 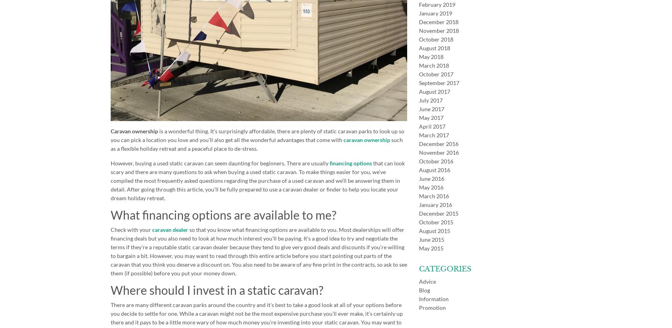 What do you see at coordinates (418, 152) in the screenshot?
I see `'November 2016'` at bounding box center [418, 152].